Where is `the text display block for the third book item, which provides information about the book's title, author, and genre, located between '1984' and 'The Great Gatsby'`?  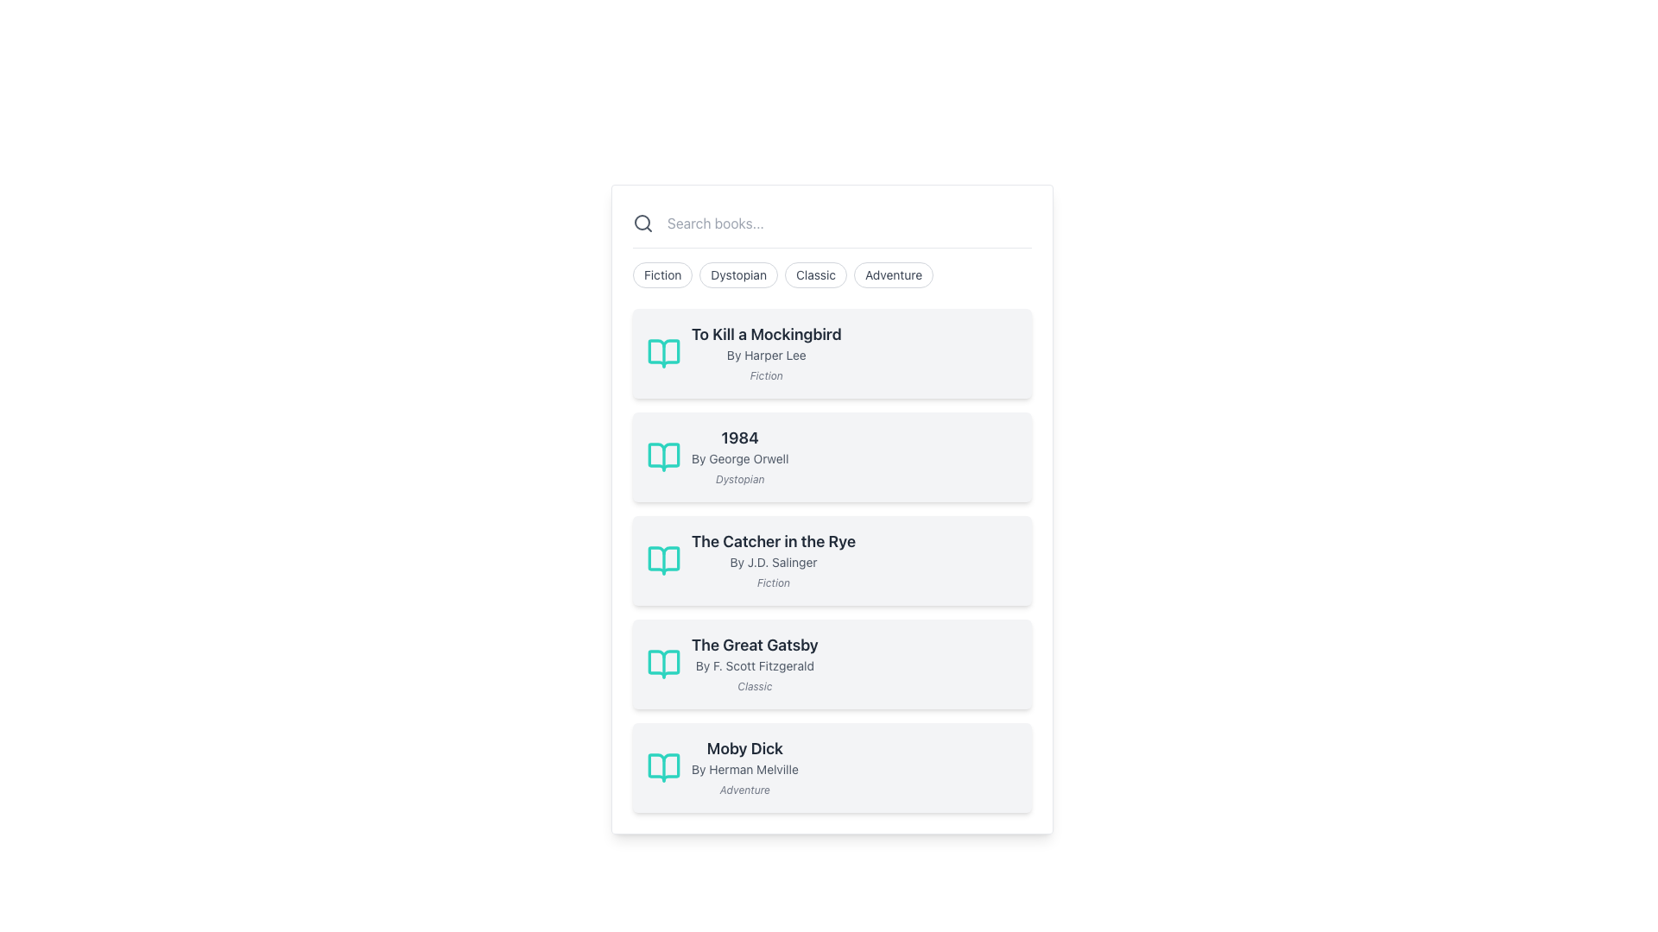
the text display block for the third book item, which provides information about the book's title, author, and genre, located between '1984' and 'The Great Gatsby' is located at coordinates (773, 561).